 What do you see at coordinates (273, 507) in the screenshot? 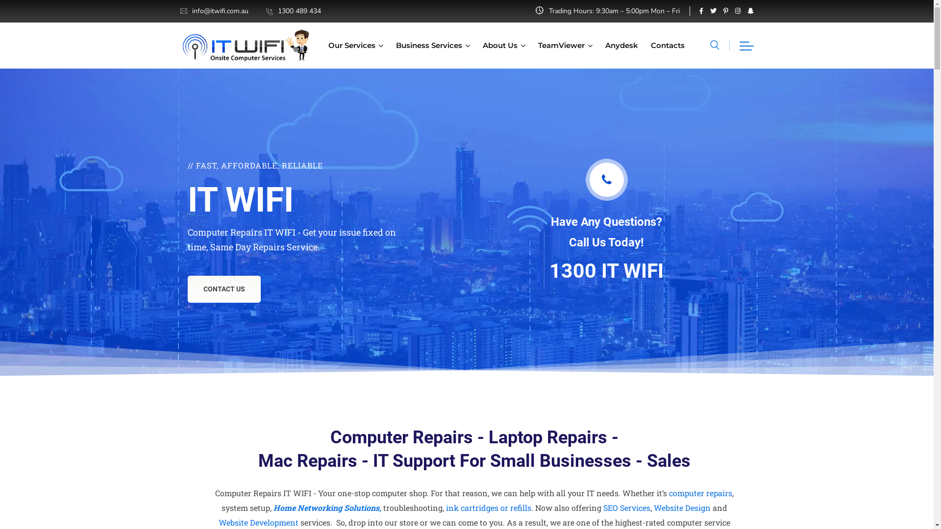
I see `'Home Networking Solutions,'` at bounding box center [273, 507].